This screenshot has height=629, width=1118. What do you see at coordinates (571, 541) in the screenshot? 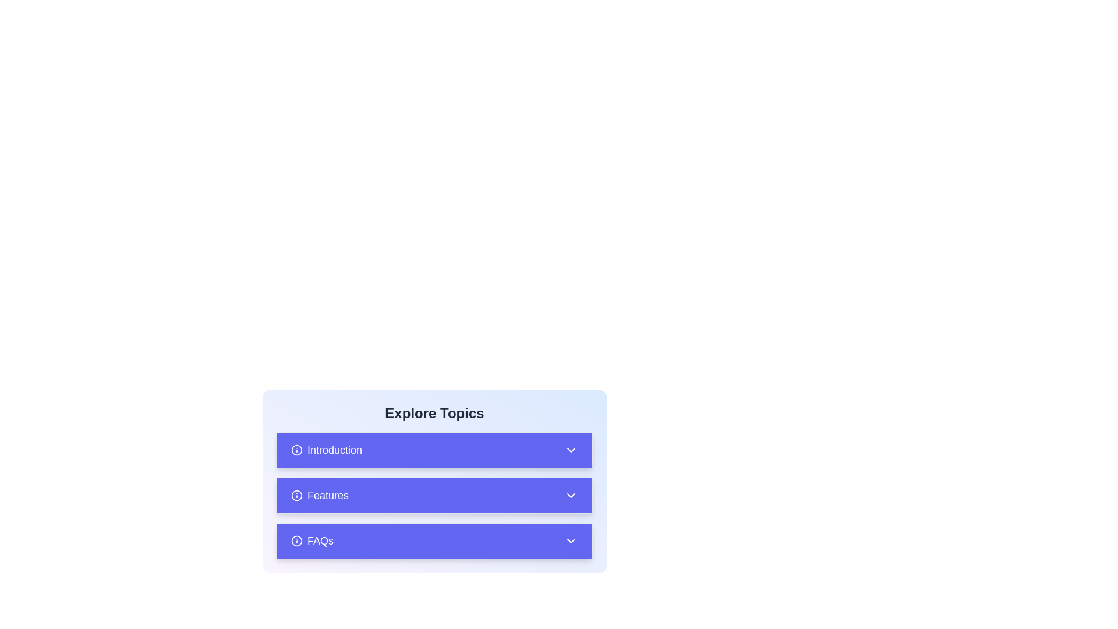
I see `the collapsible/expandable icon located on the right side of the 'FAQs' section` at bounding box center [571, 541].